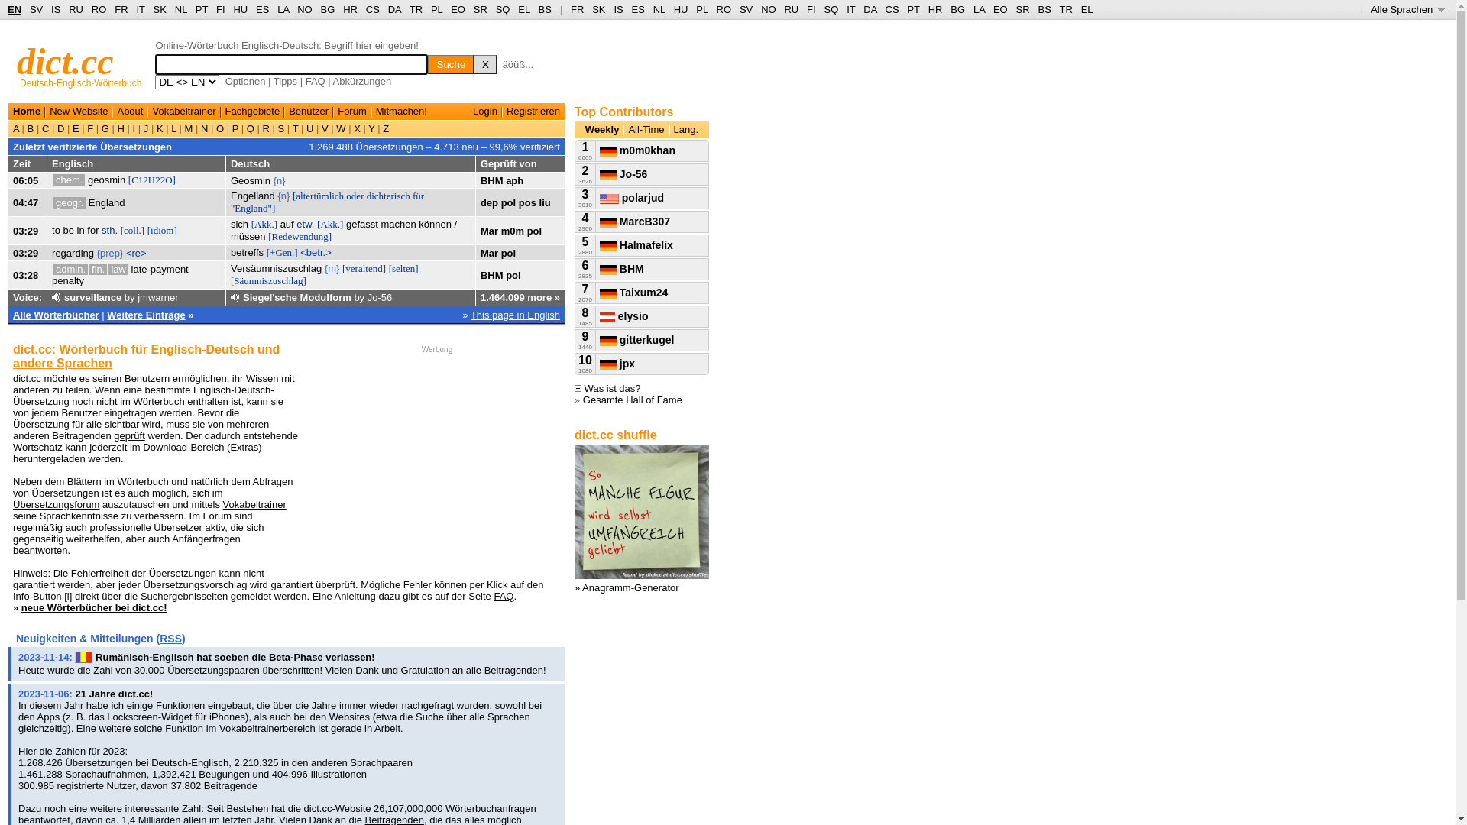 This screenshot has height=825, width=1467. What do you see at coordinates (131, 179) in the screenshot?
I see `'geosmin [C12H22O]'` at bounding box center [131, 179].